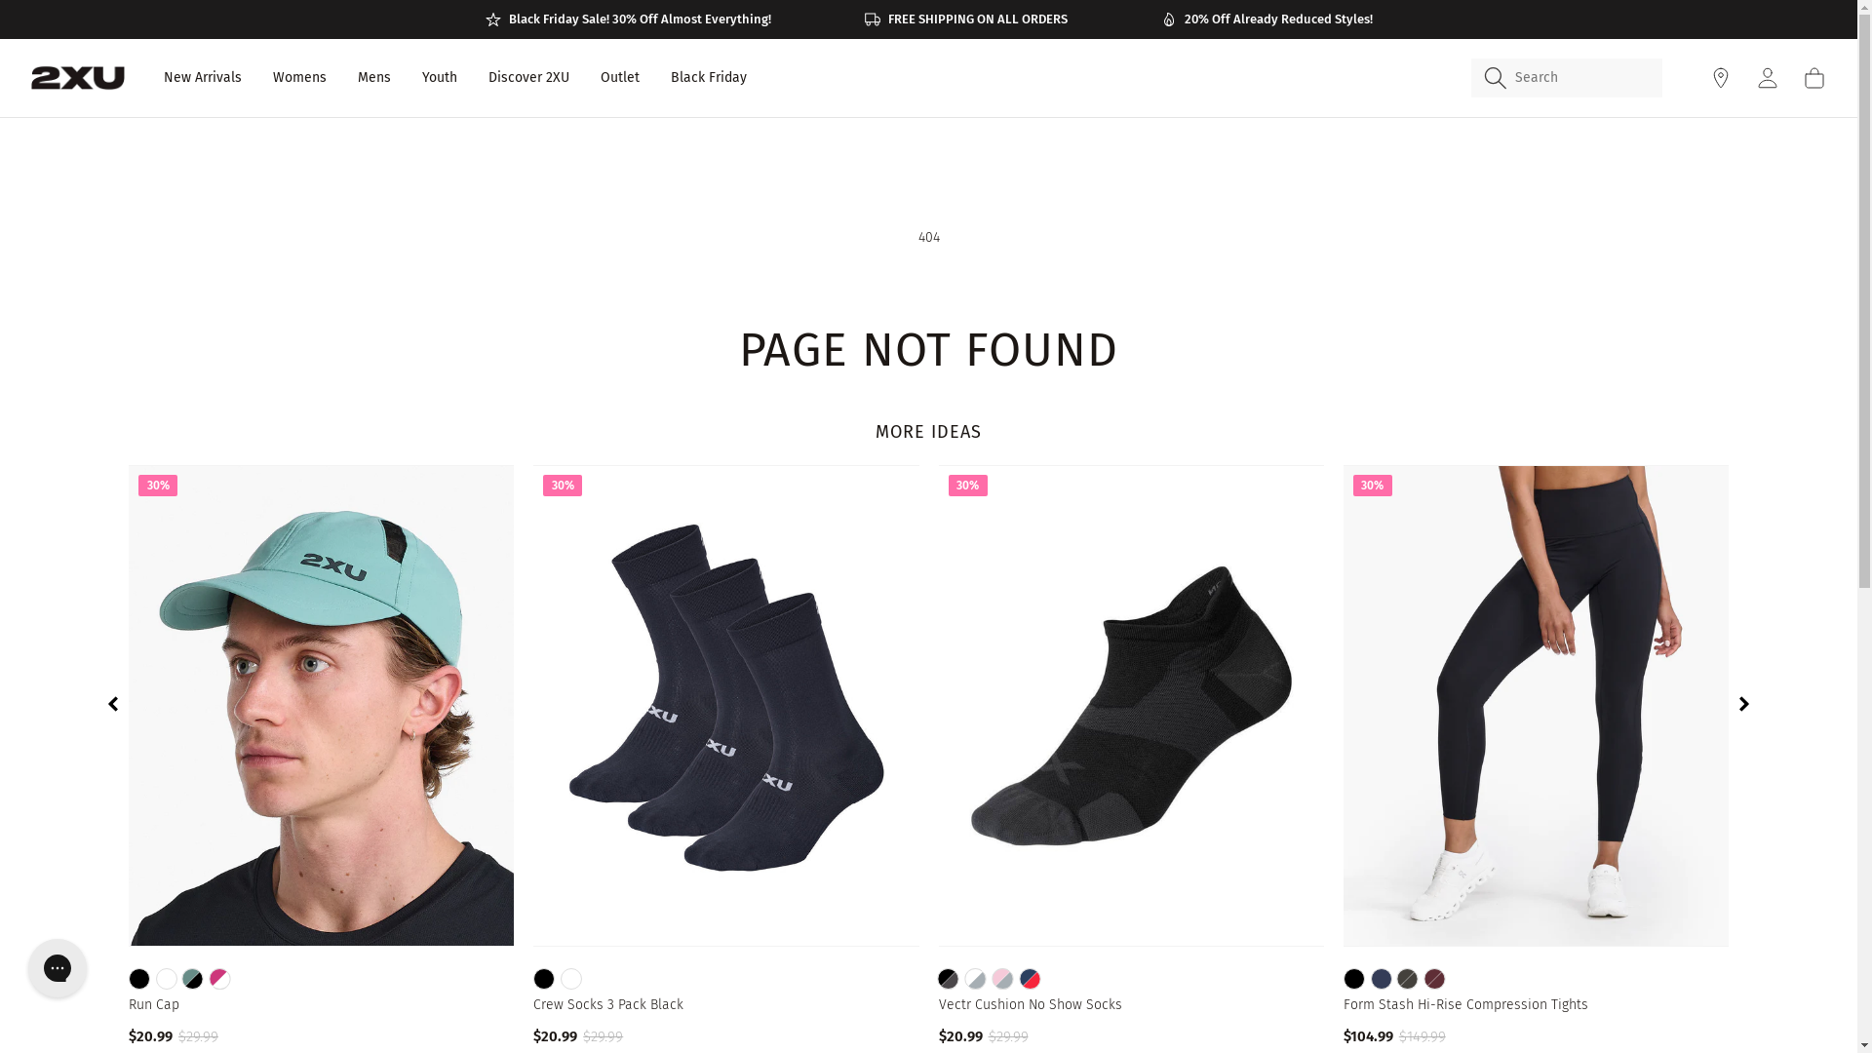 Image resolution: width=1872 pixels, height=1053 pixels. What do you see at coordinates (298, 77) in the screenshot?
I see `'Womens'` at bounding box center [298, 77].